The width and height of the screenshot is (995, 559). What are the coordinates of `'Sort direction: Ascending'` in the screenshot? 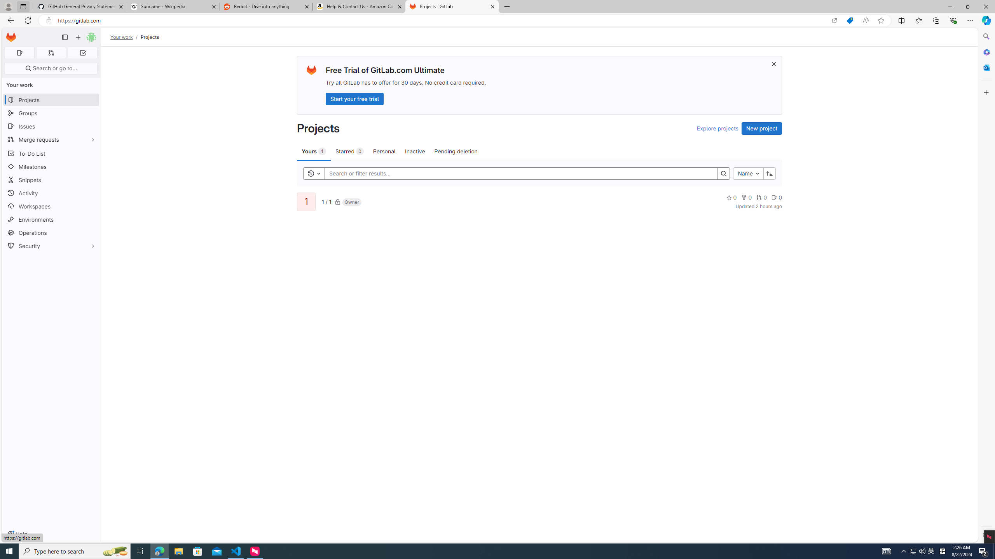 It's located at (770, 174).